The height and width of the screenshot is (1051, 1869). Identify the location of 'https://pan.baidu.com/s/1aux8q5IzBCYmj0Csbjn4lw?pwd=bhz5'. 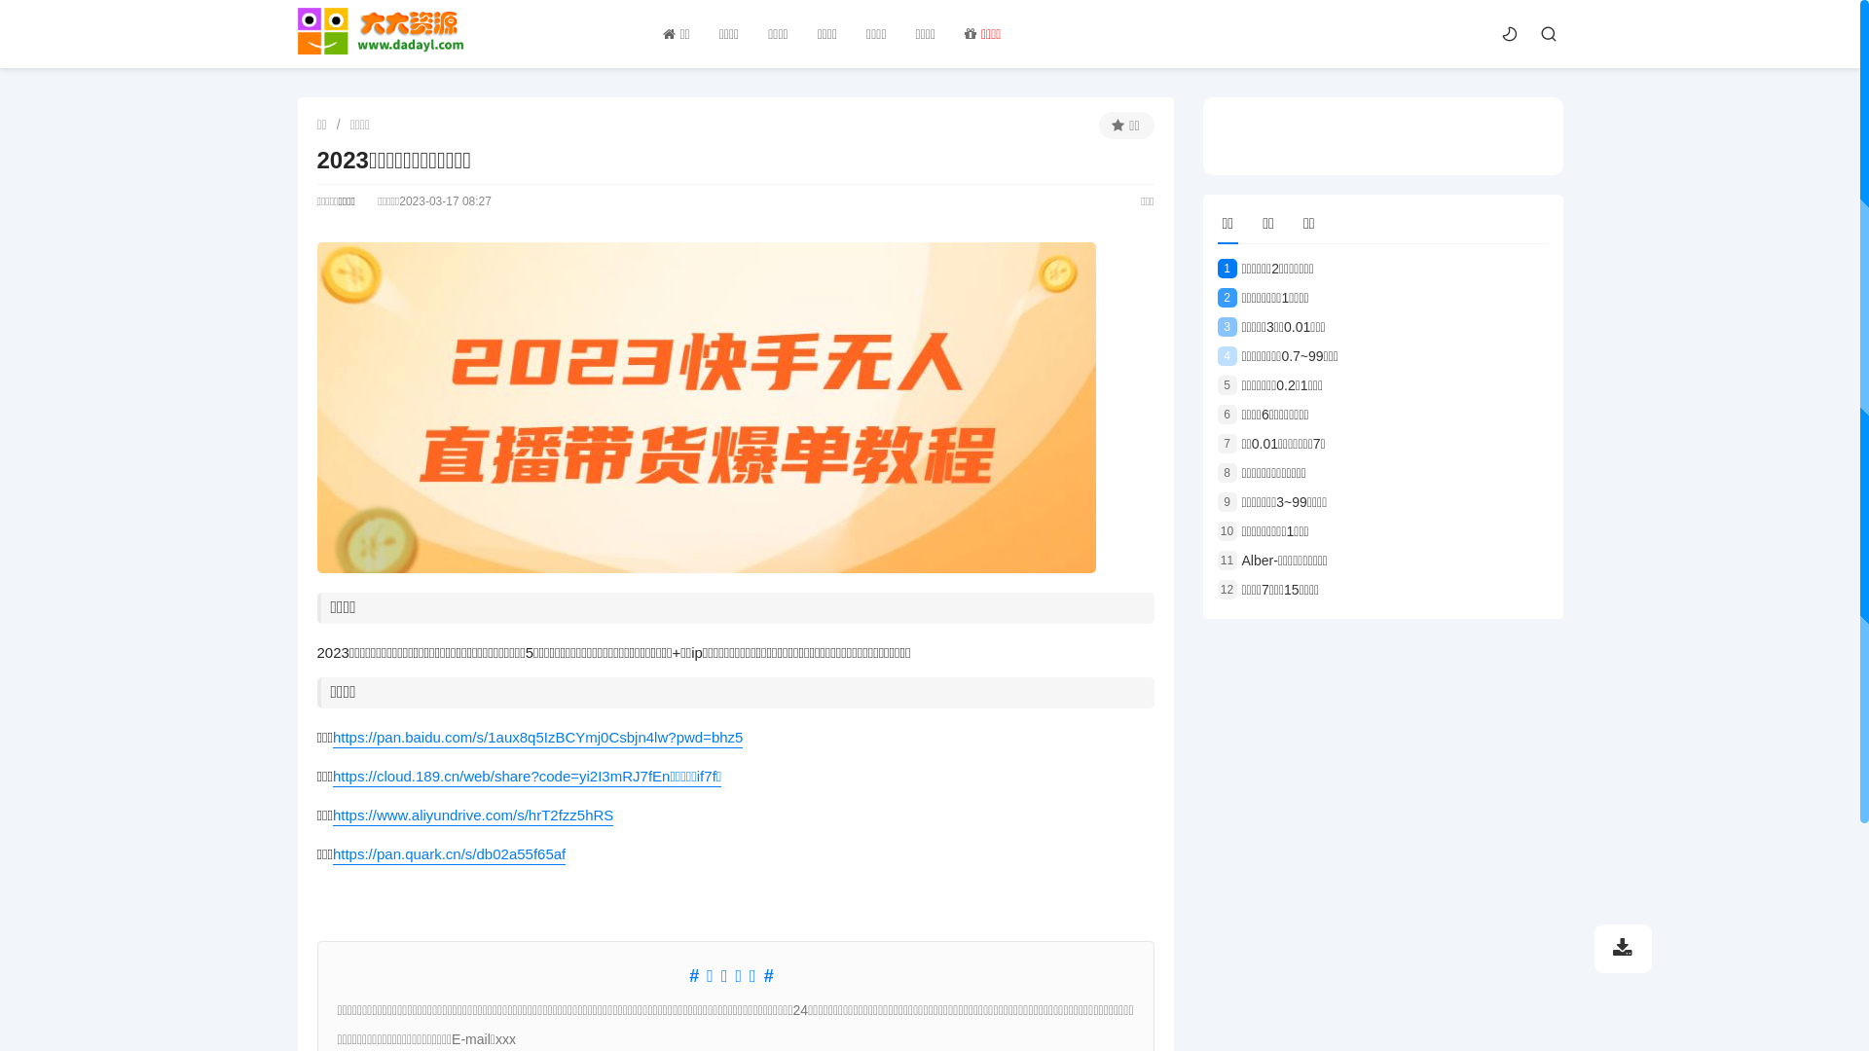
(537, 738).